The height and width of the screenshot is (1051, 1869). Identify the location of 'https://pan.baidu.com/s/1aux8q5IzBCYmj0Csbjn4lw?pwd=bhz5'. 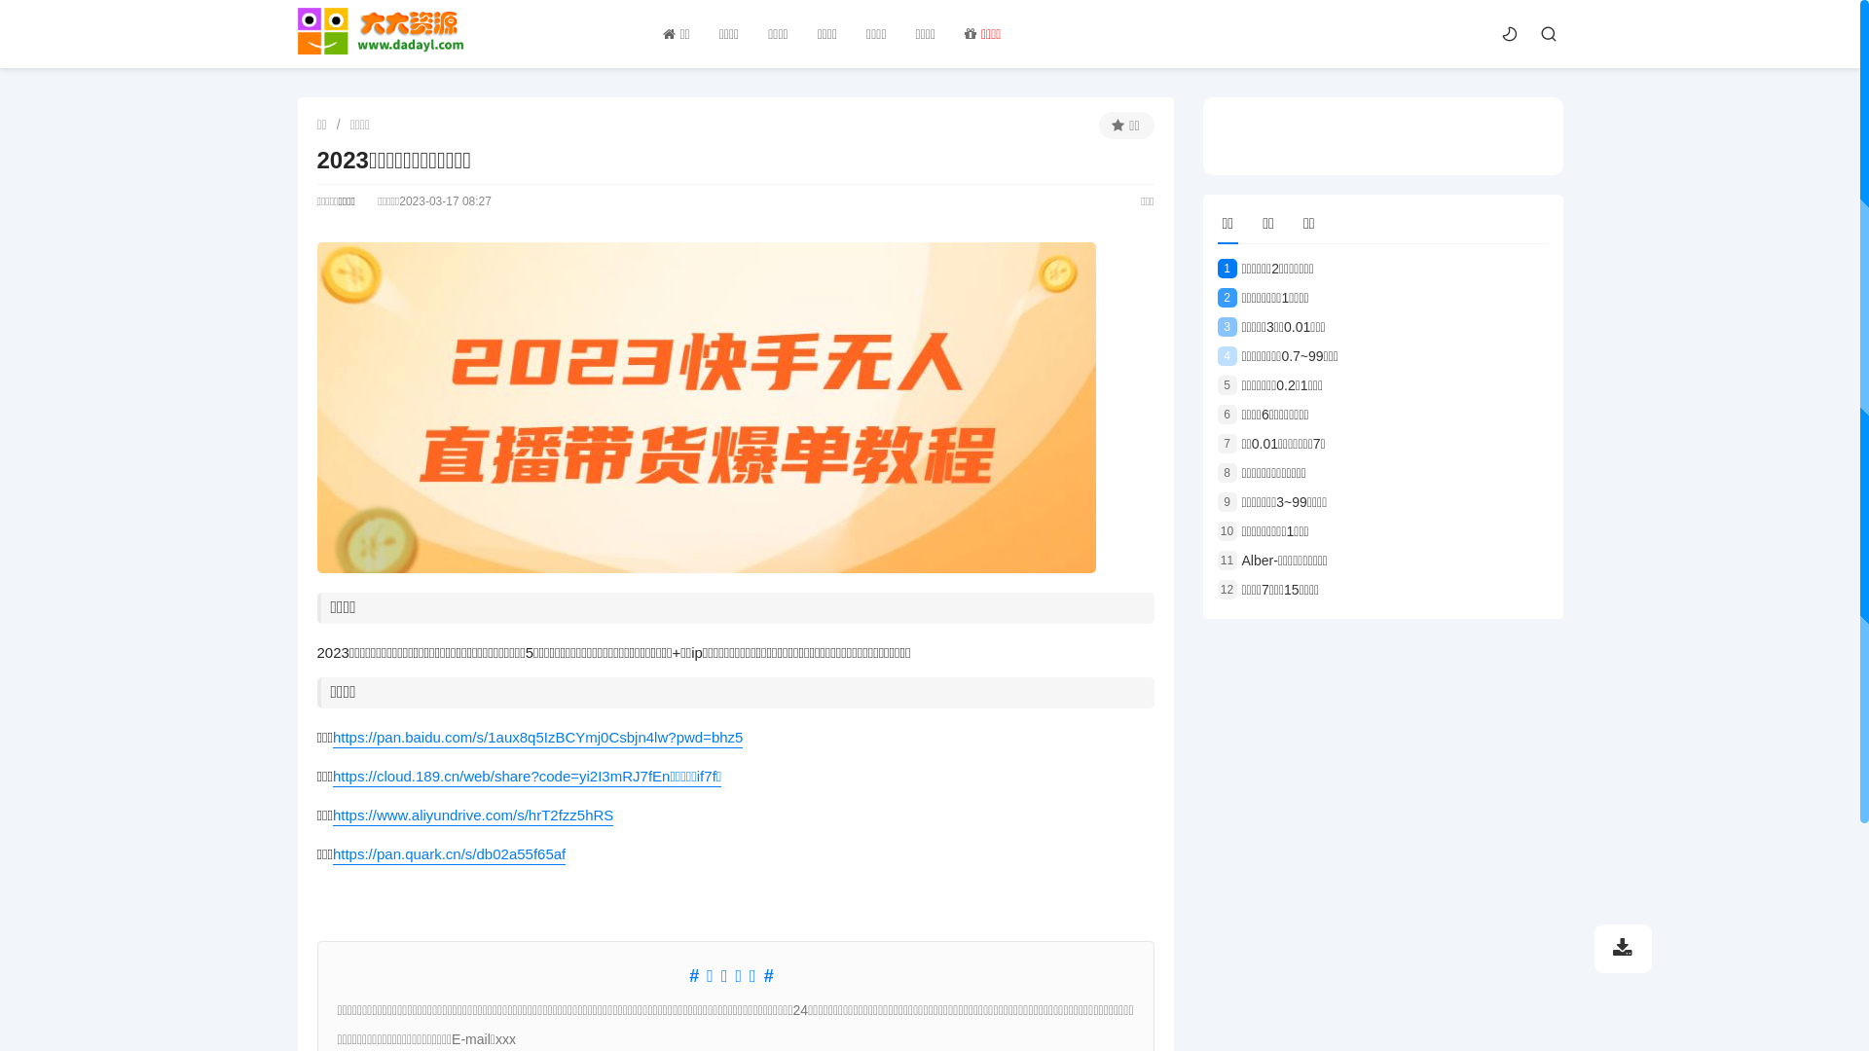
(537, 738).